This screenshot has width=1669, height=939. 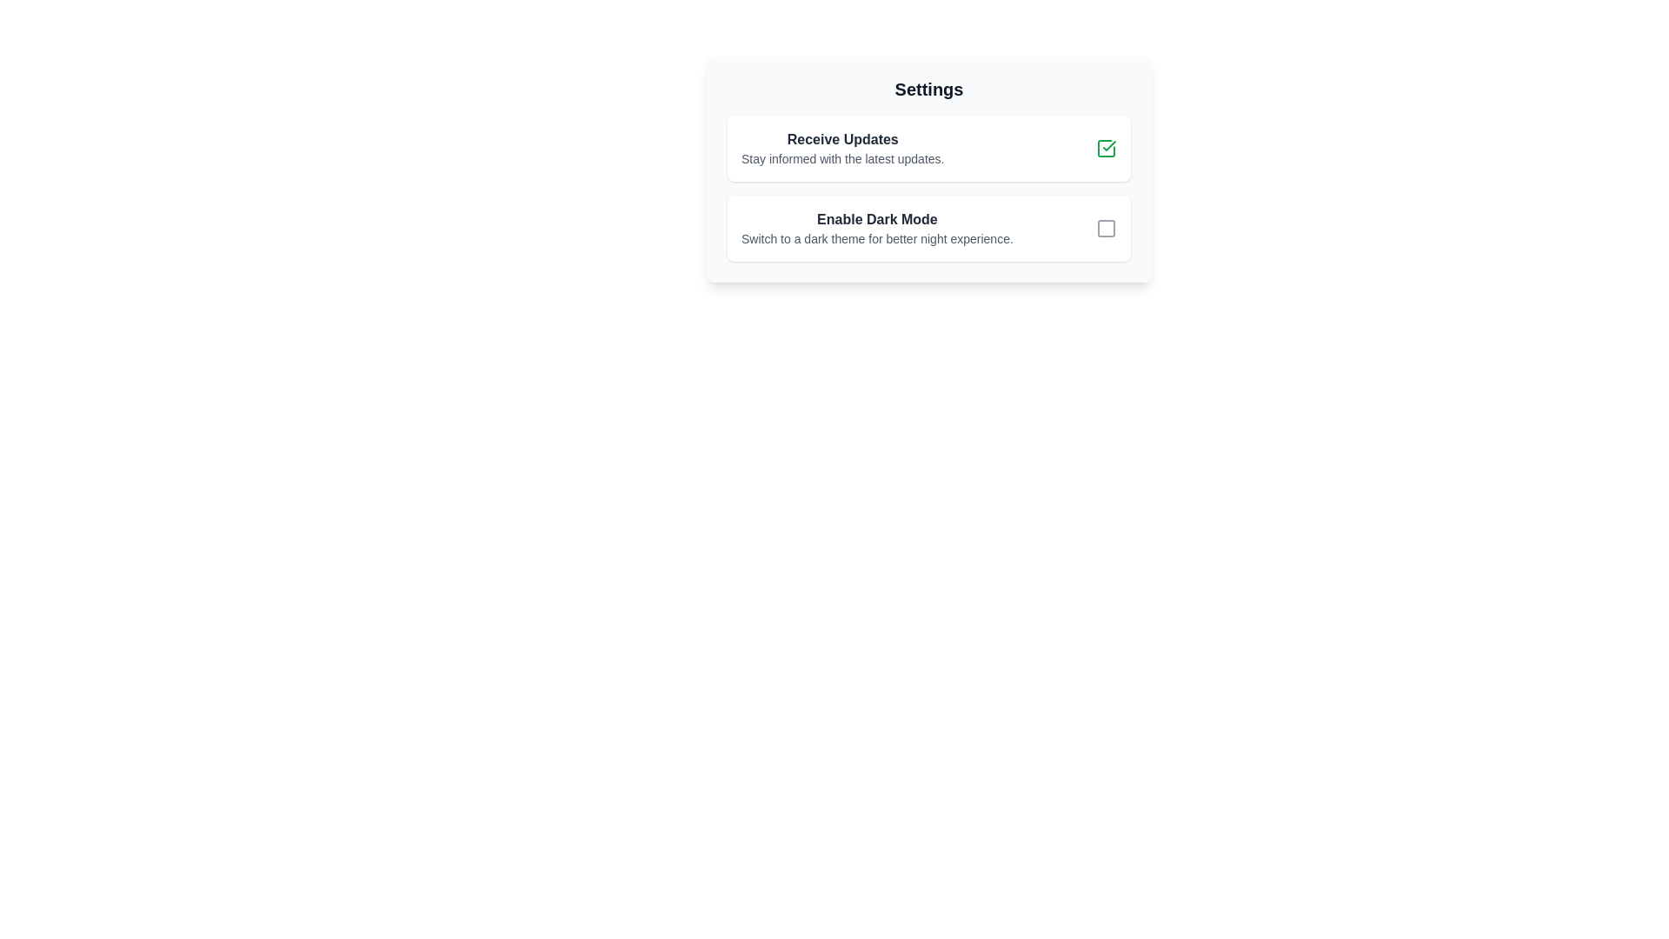 I want to click on the square-shaped checkbox with a green outline and checkmark located in the top right corner of the 'Receive Updates' section, so click(x=1105, y=147).